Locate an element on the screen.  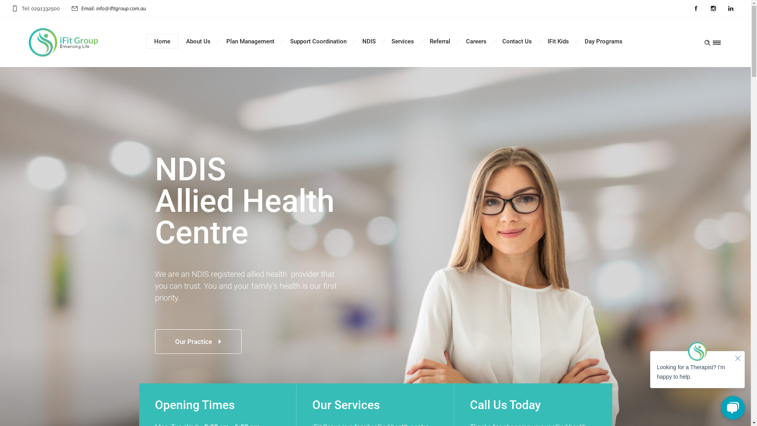
'Day Programs' is located at coordinates (603, 41).